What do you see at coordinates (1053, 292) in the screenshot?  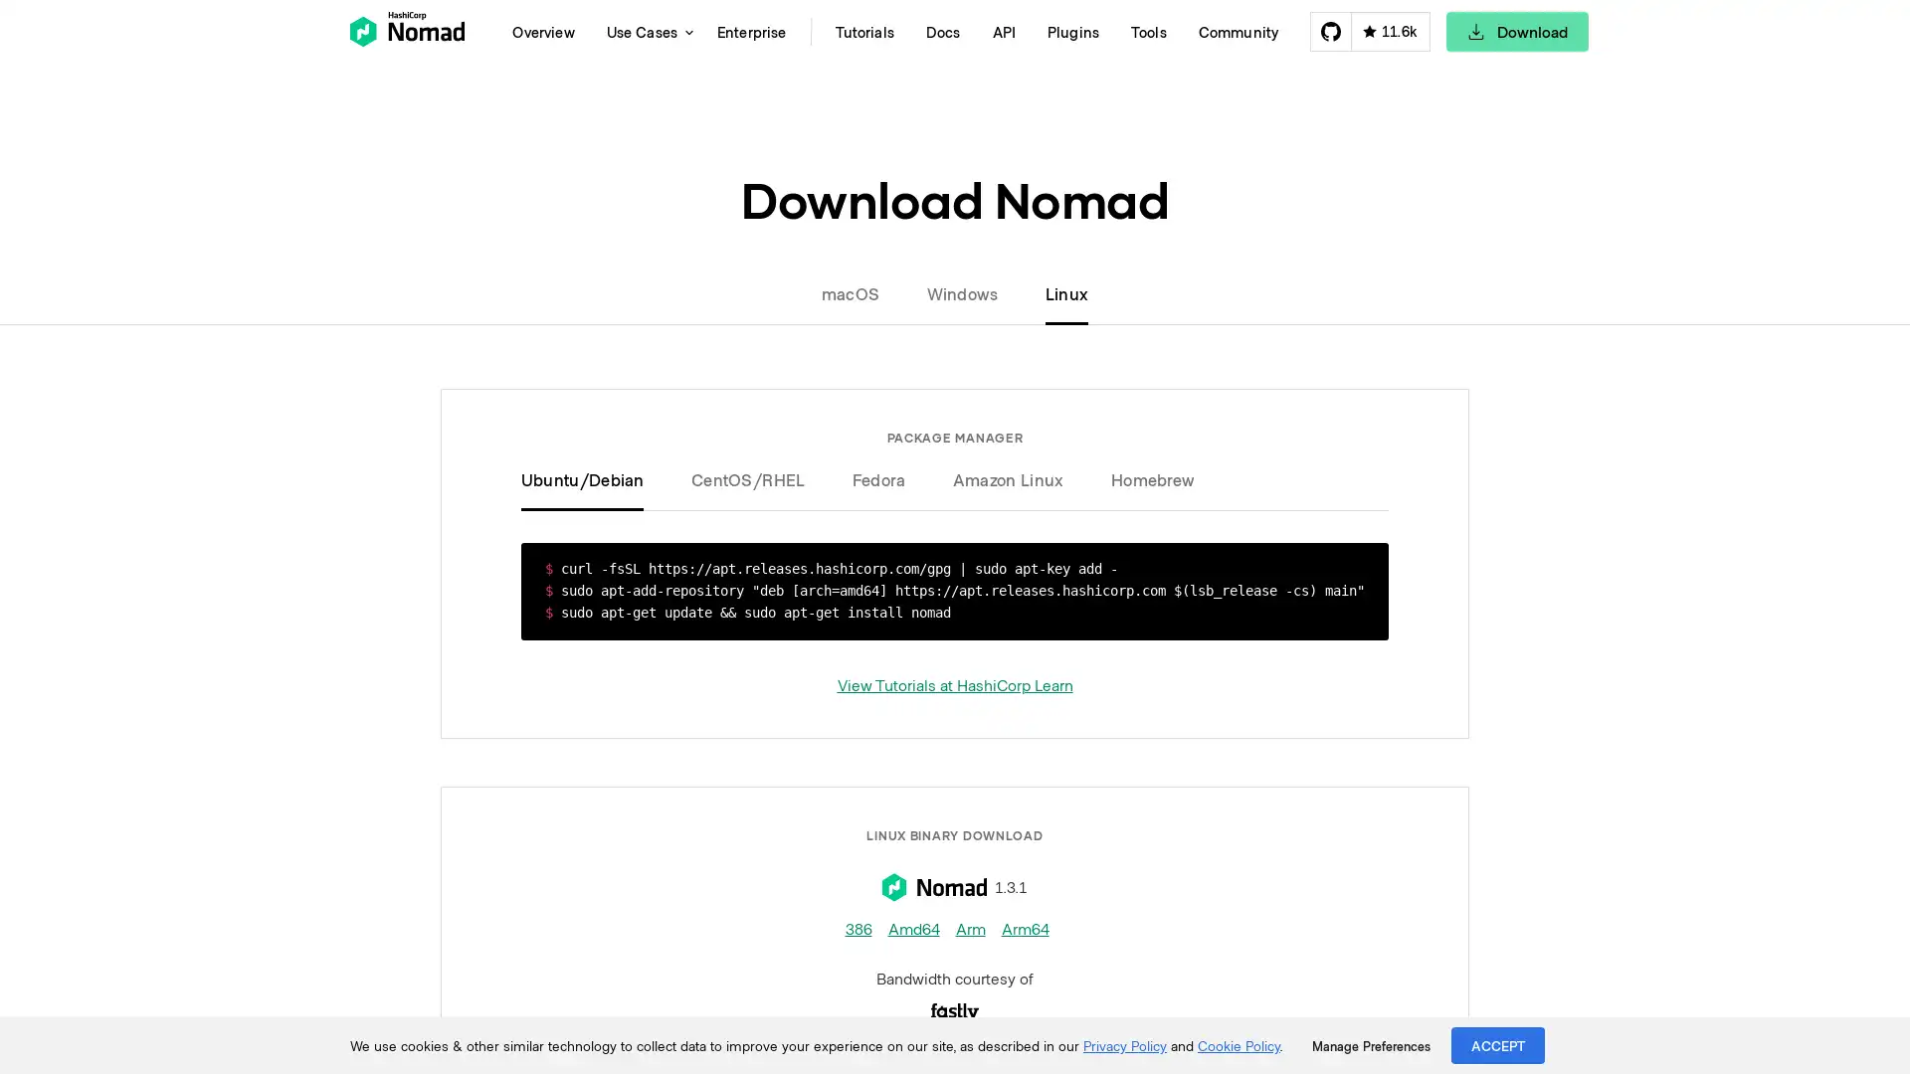 I see `Linux` at bounding box center [1053, 292].